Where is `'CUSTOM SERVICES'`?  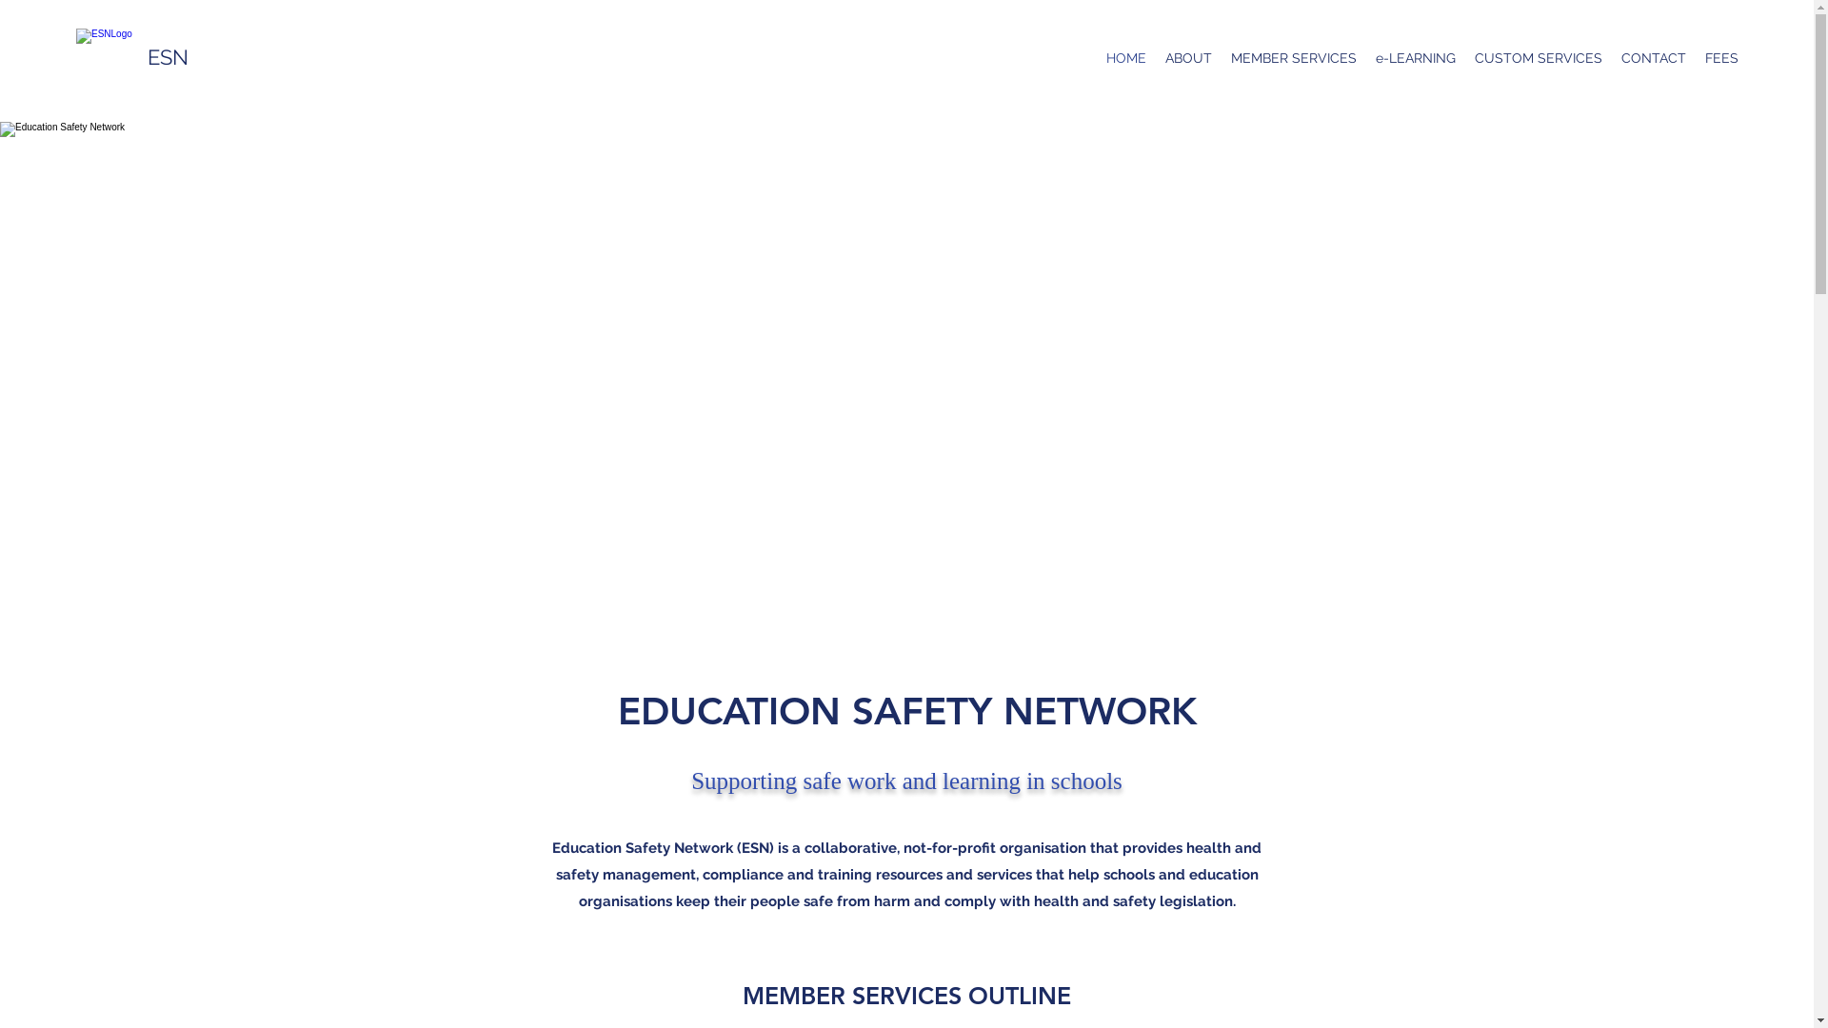
'CUSTOM SERVICES' is located at coordinates (1539, 57).